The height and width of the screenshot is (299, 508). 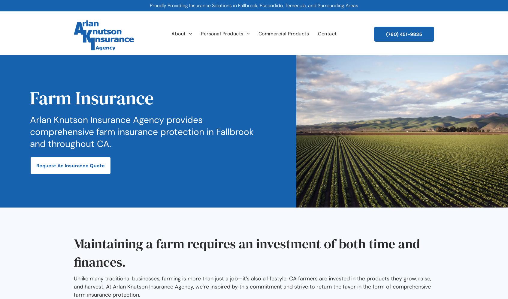 I want to click on 'Life Insurance', so click(x=205, y=103).